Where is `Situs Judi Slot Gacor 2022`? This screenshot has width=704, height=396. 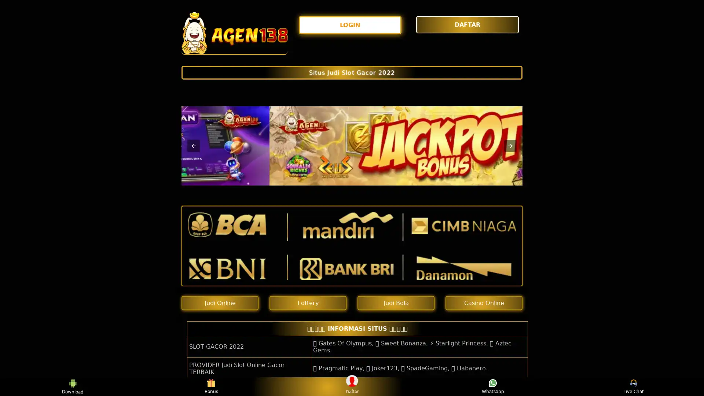
Situs Judi Slot Gacor 2022 is located at coordinates (352, 72).